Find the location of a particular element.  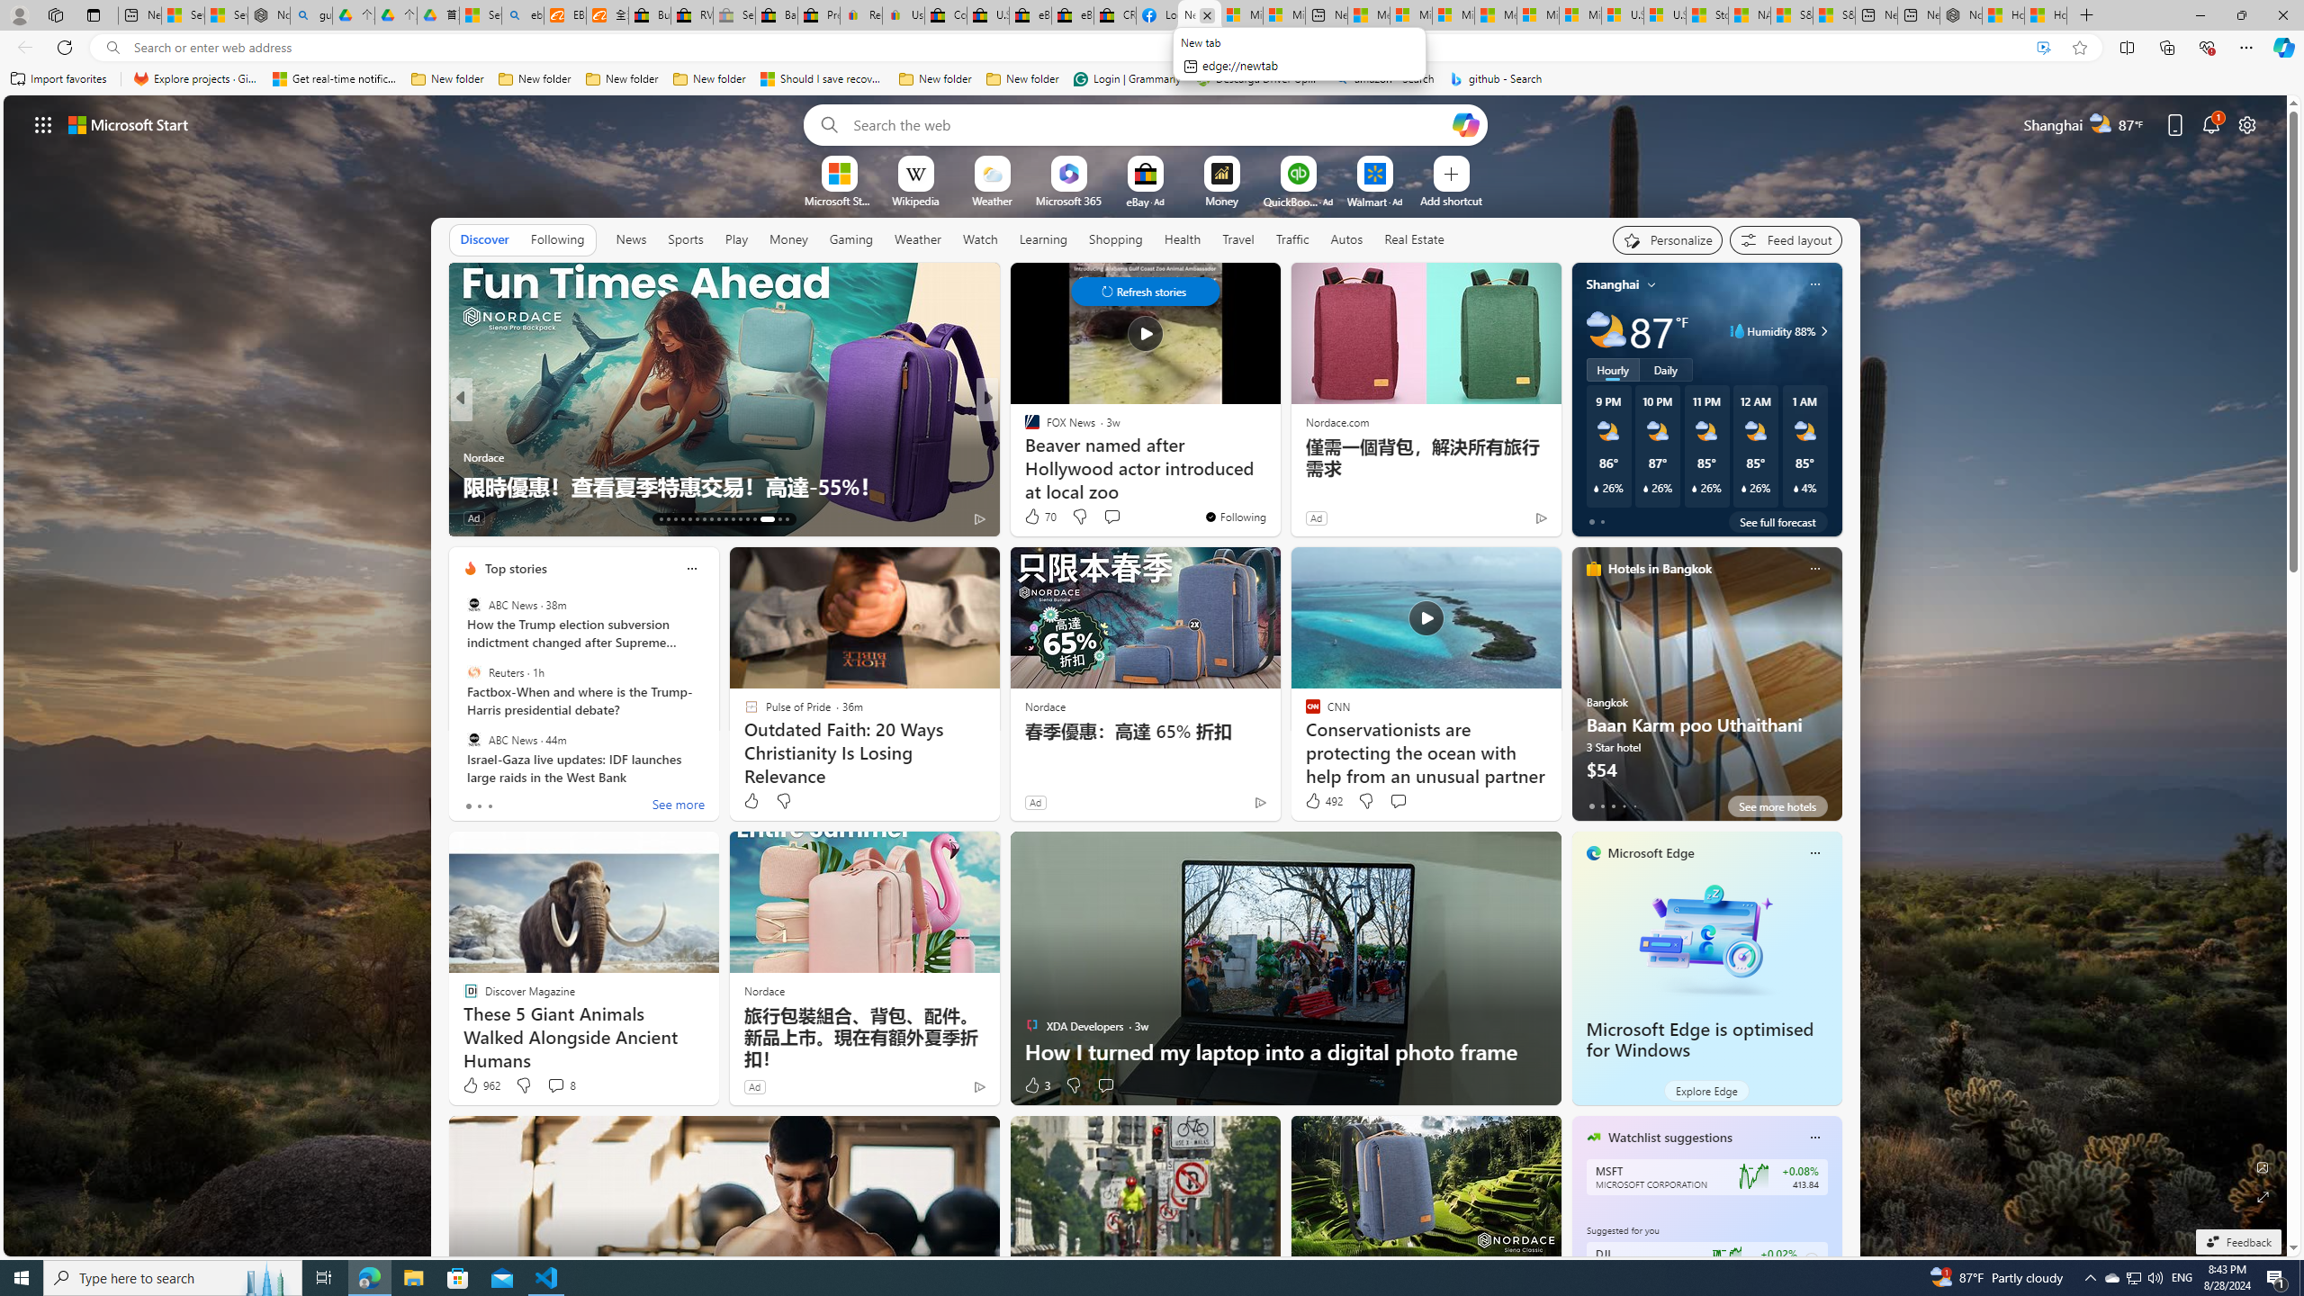

'29 Like' is located at coordinates (1032, 517).